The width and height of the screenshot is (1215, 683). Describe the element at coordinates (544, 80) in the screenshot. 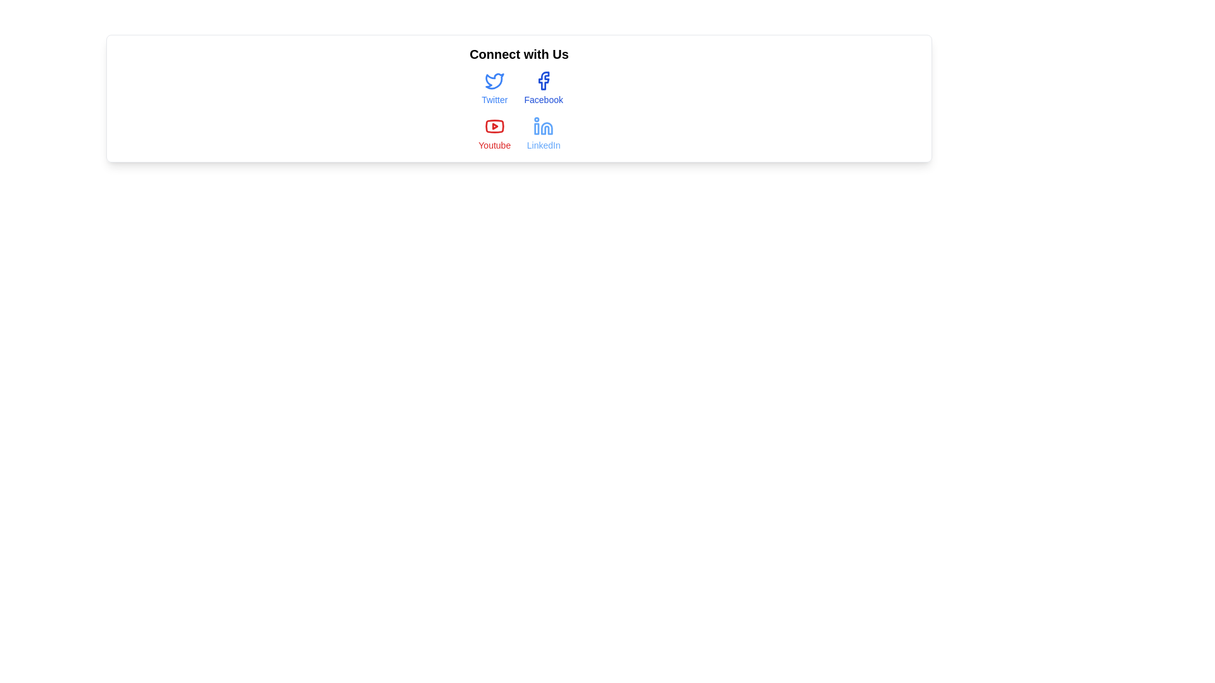

I see `Facebook icon hyperlink located in the 'Connect with Us' area, positioned between the Twitter icon and the 'Facebook' text below it` at that location.